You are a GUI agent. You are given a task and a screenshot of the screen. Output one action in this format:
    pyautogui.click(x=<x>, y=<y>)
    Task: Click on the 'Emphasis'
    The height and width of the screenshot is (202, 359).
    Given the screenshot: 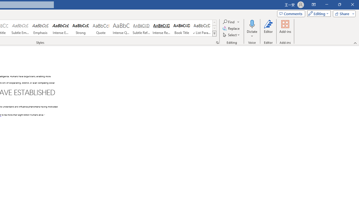 What is the action you would take?
    pyautogui.click(x=40, y=28)
    